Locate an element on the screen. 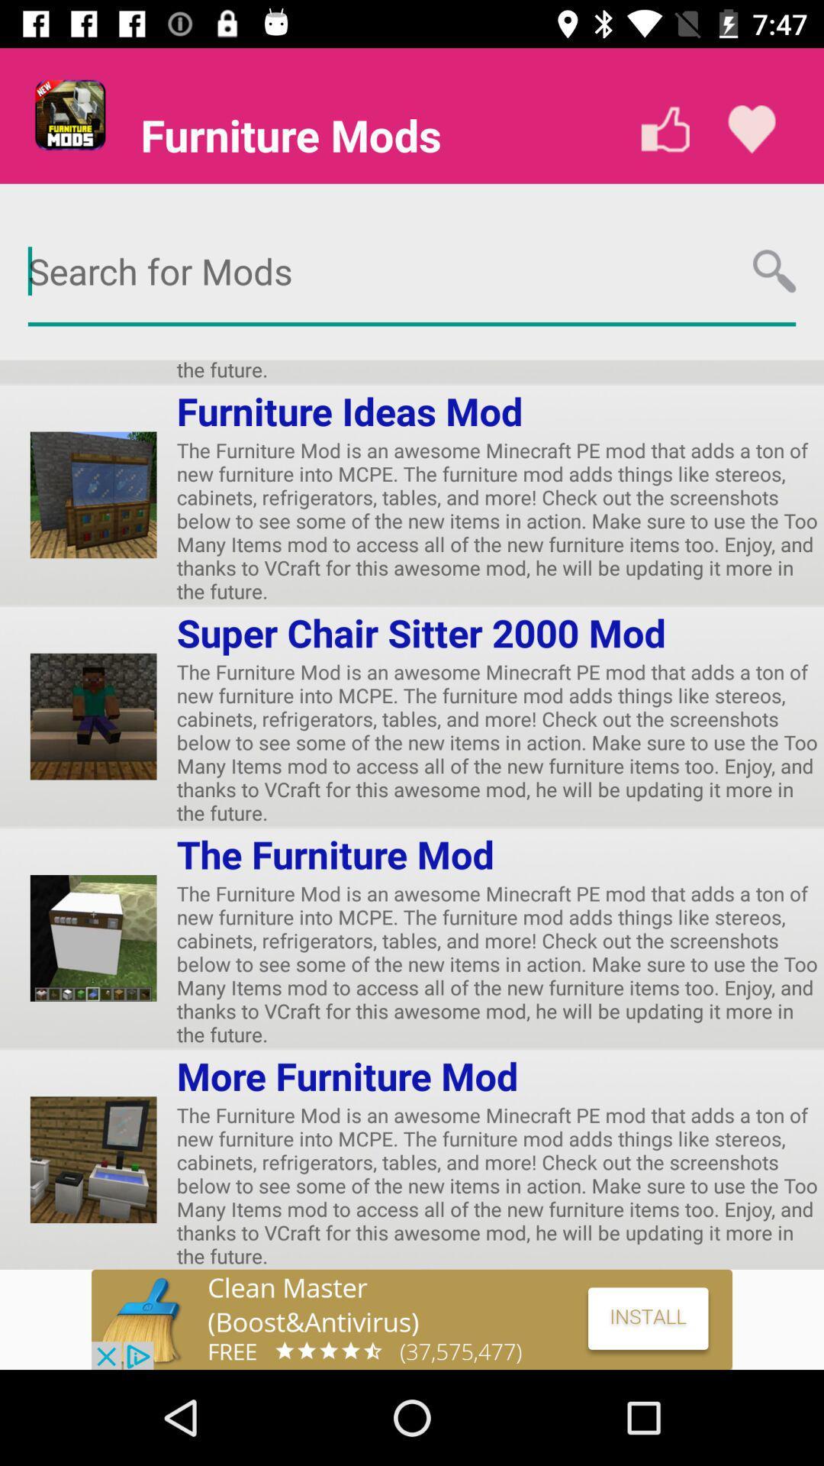 This screenshot has width=824, height=1466. the thumbs_up icon is located at coordinates (665, 129).